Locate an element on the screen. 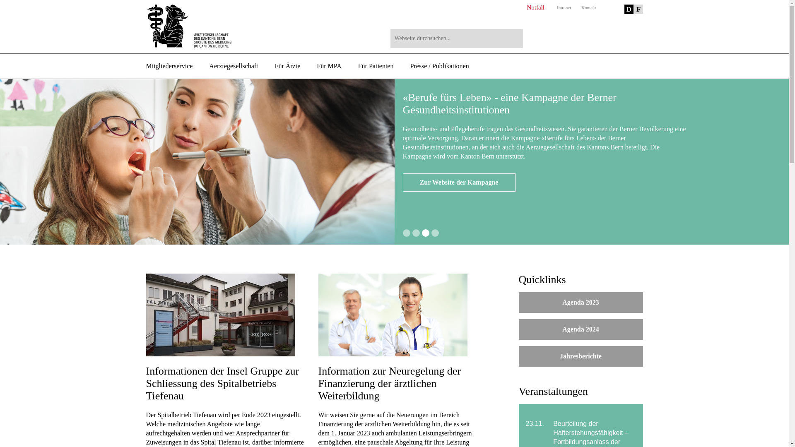  'Mehr erfahren' is located at coordinates (402, 182).